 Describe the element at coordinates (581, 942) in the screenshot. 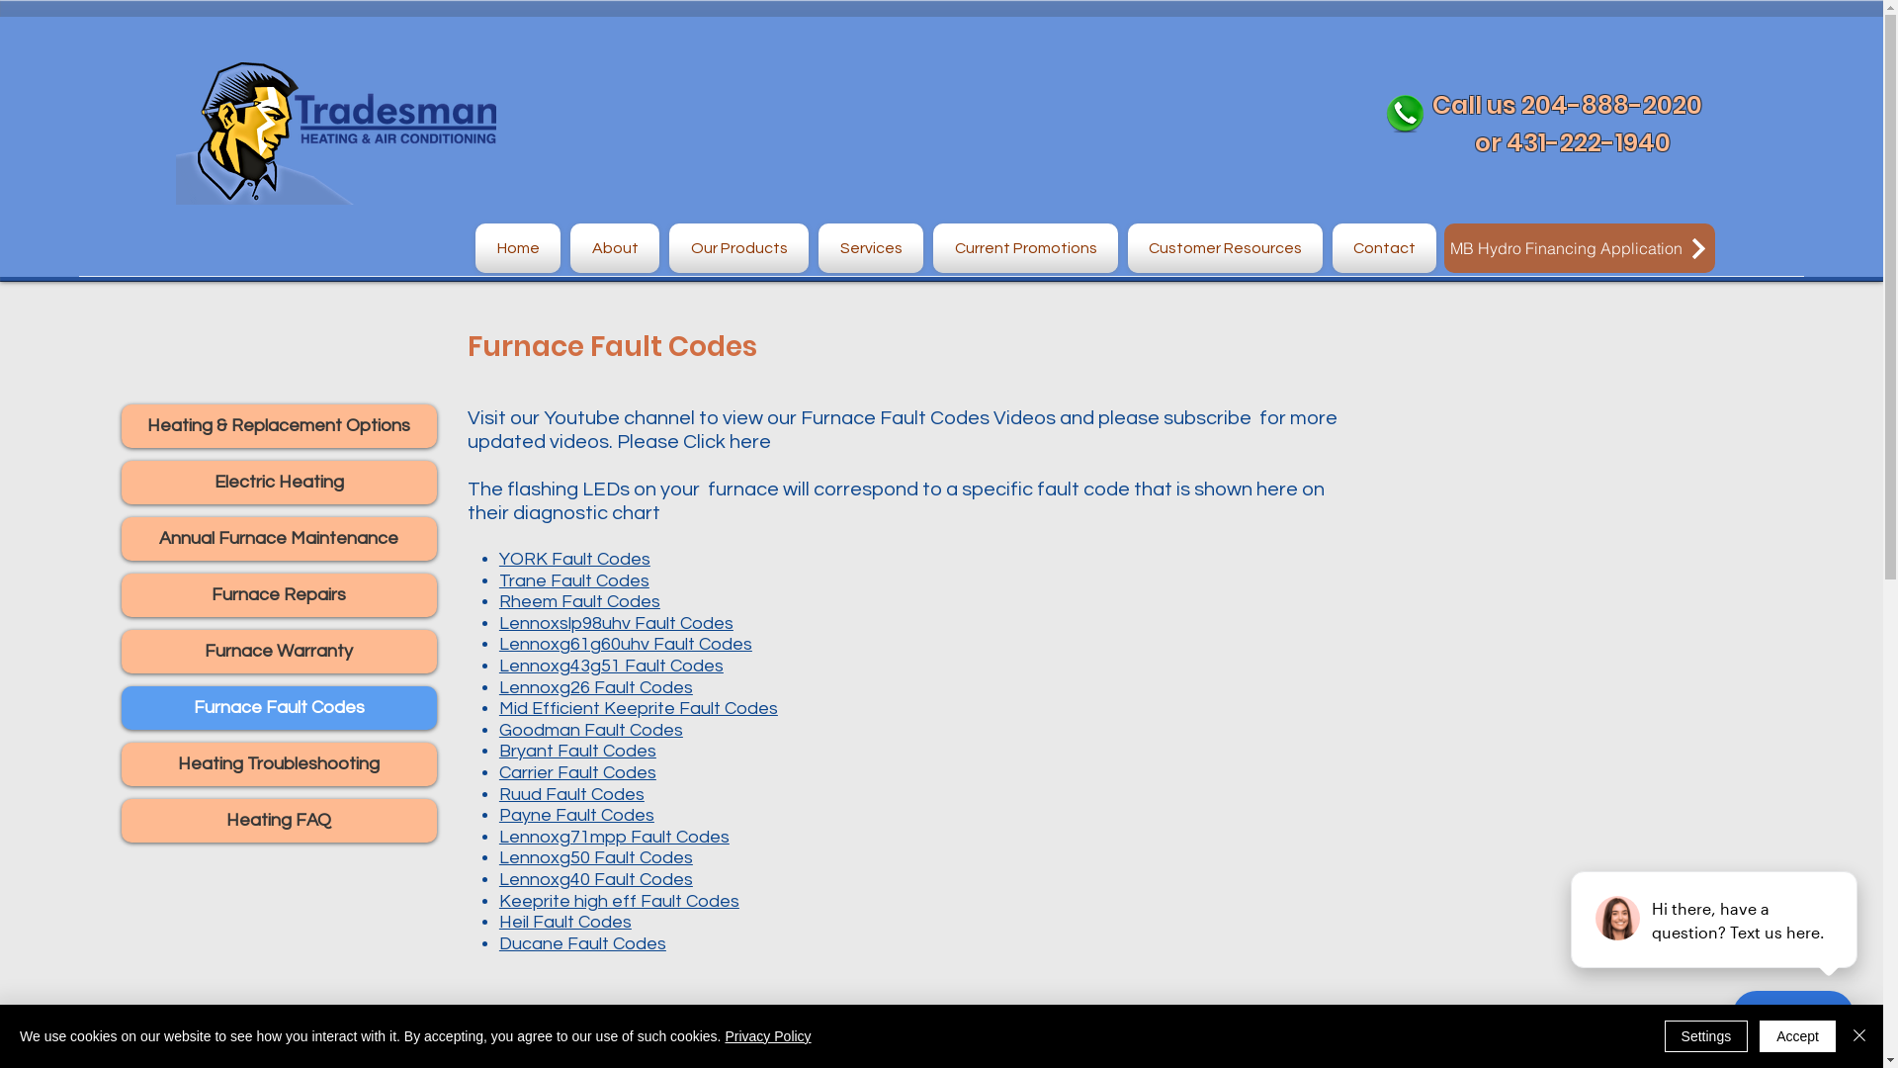

I see `'Ducane Fault Codes'` at that location.